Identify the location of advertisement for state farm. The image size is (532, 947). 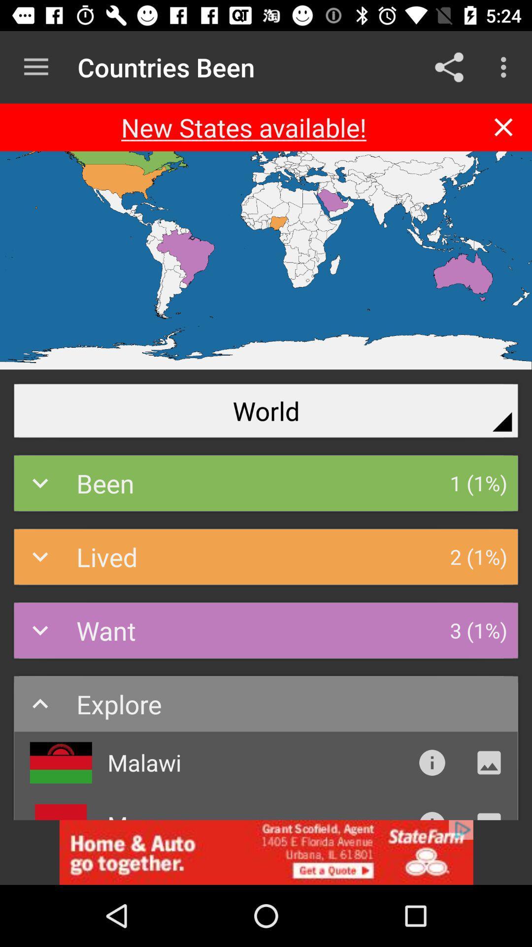
(266, 852).